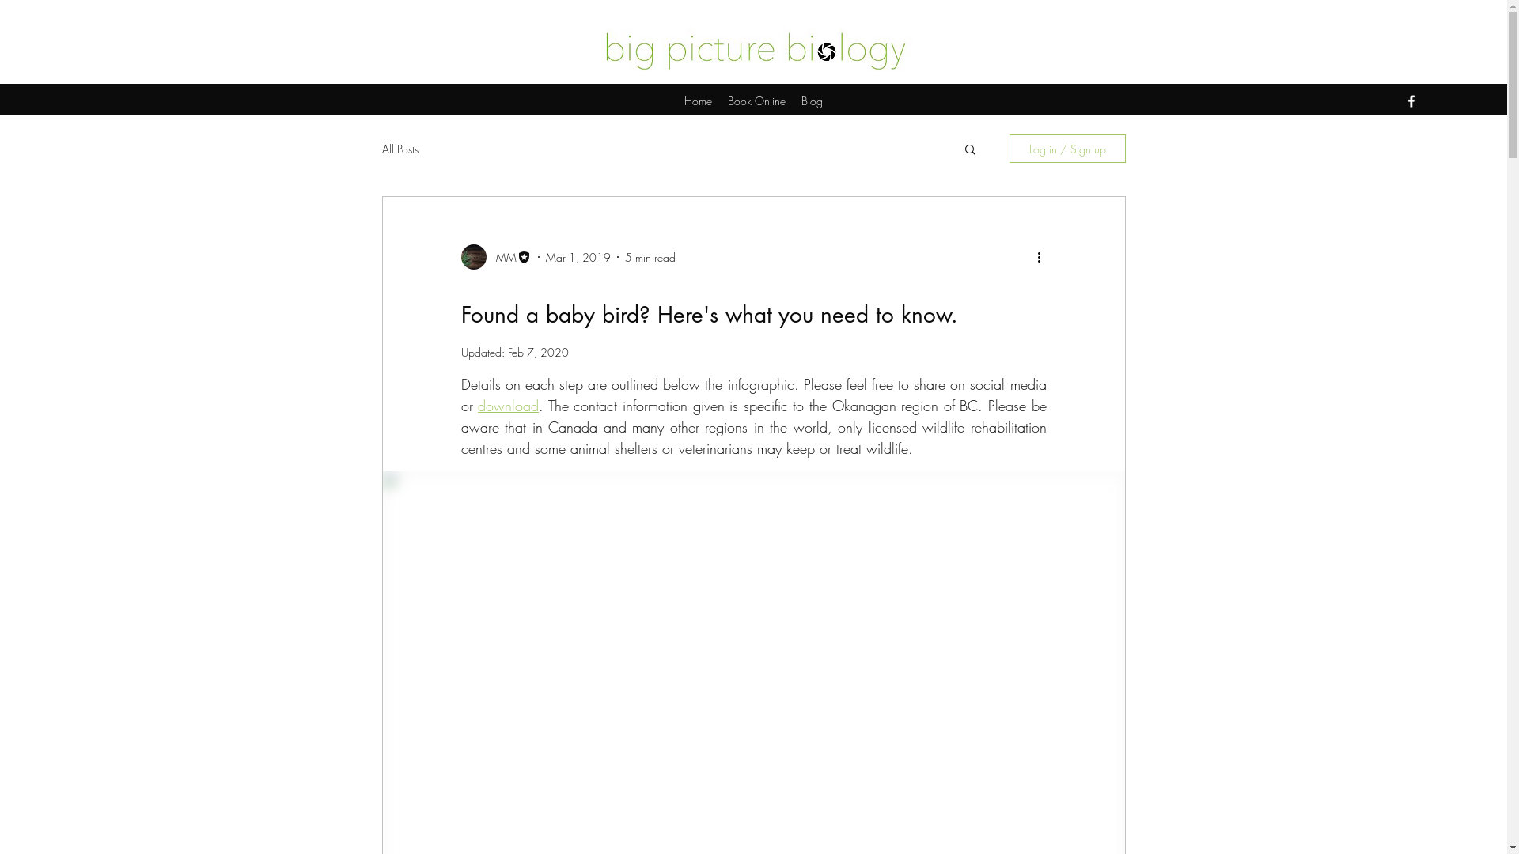 The width and height of the screenshot is (1519, 854). Describe the element at coordinates (399, 148) in the screenshot. I see `'All Posts'` at that location.